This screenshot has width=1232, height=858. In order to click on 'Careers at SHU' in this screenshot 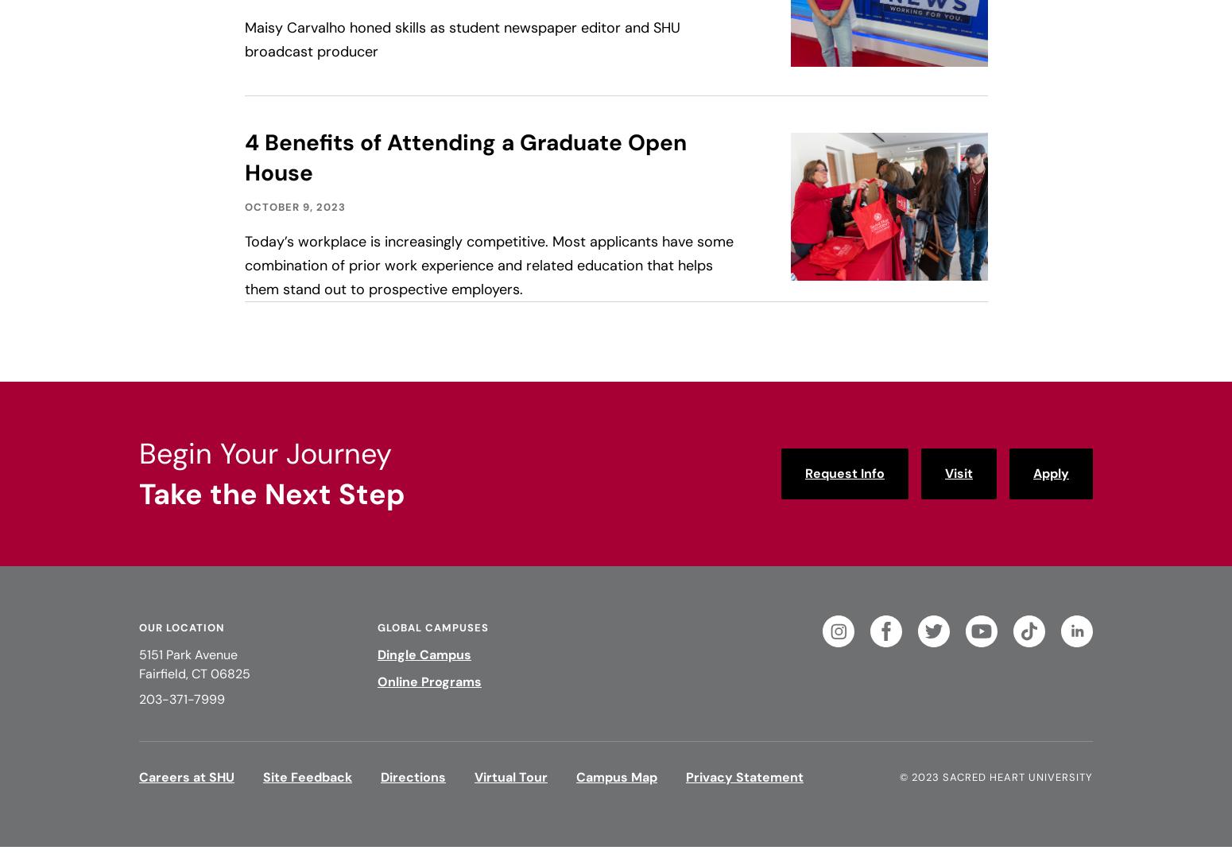, I will do `click(186, 776)`.